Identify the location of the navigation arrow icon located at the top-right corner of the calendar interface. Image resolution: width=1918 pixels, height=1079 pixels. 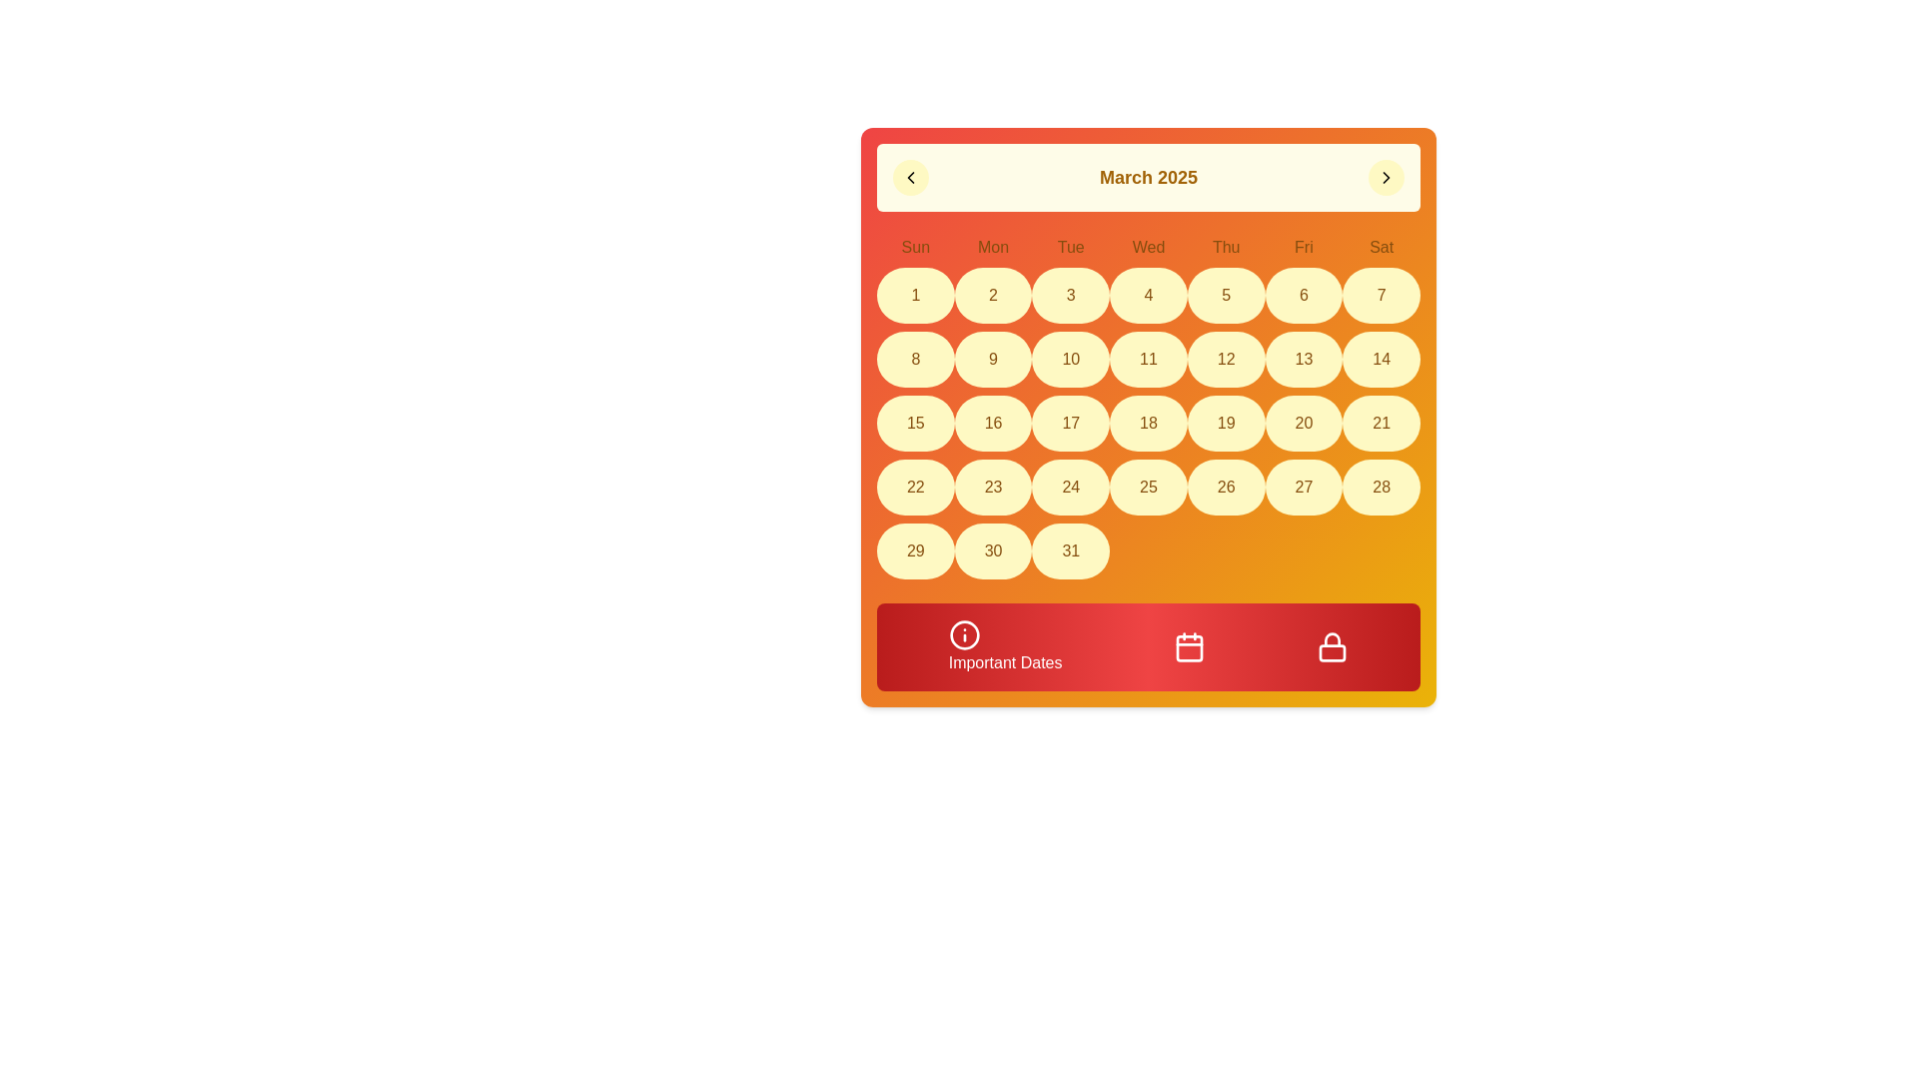
(1385, 176).